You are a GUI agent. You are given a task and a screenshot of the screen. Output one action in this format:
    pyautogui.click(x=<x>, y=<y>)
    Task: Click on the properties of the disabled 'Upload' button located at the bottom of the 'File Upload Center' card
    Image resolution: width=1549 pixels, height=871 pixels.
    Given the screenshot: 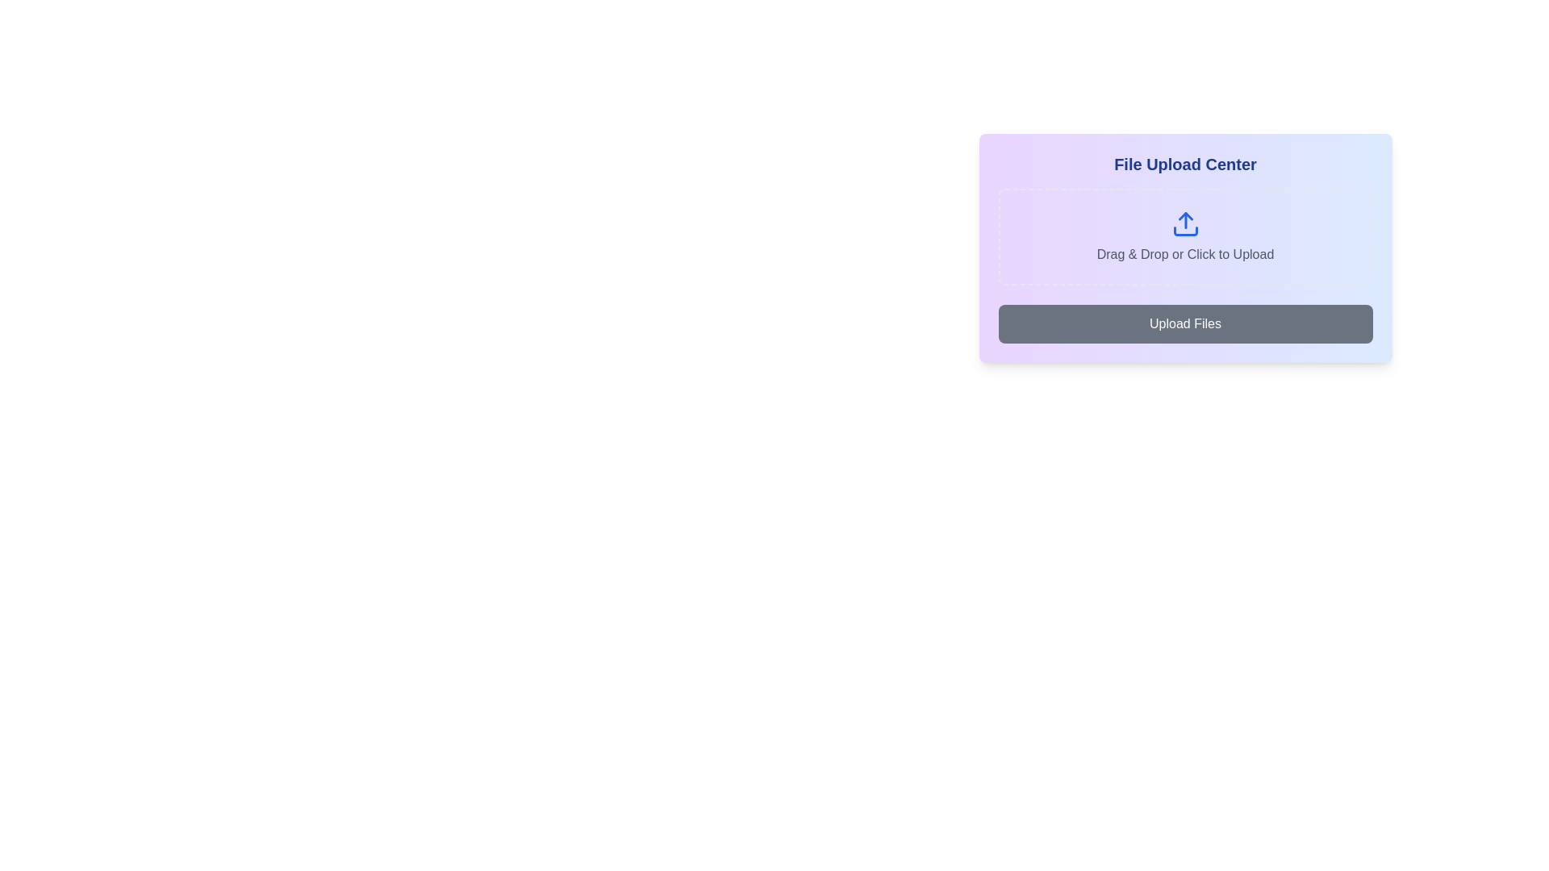 What is the action you would take?
    pyautogui.click(x=1185, y=323)
    